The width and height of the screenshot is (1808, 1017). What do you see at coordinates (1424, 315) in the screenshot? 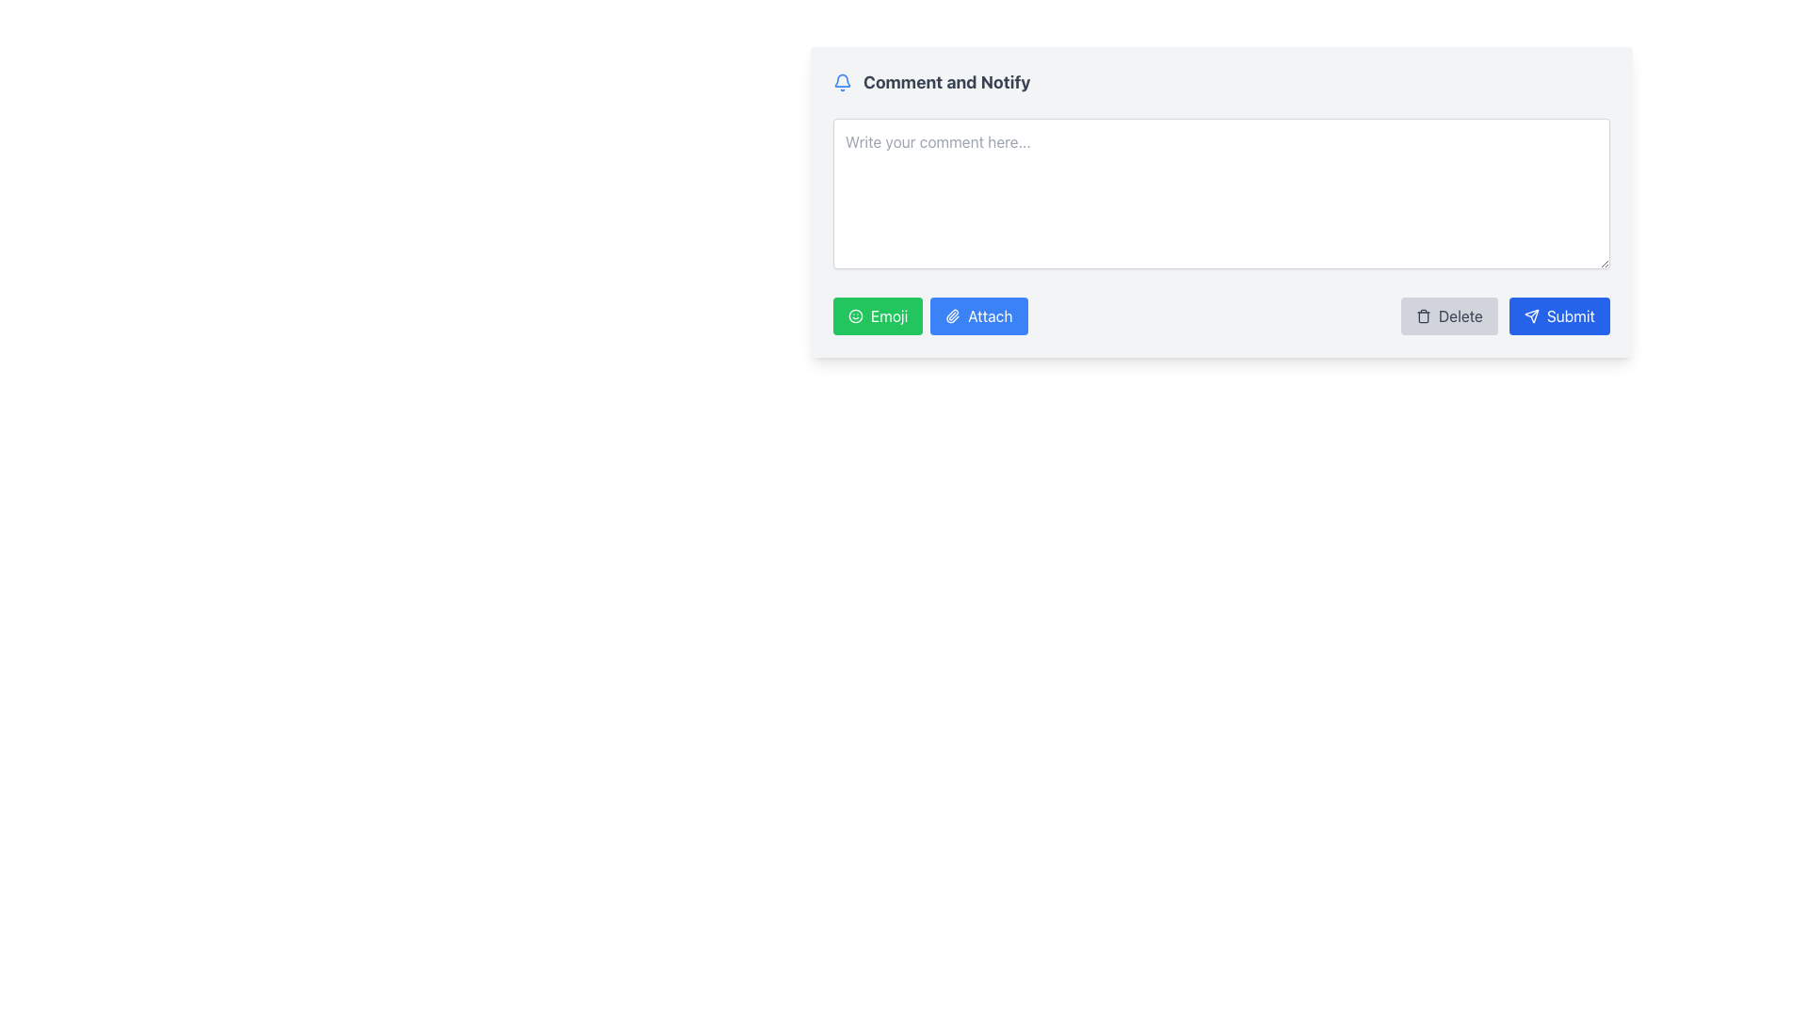
I see `the trash bin icon located to the left of the 'Delete' text label within the 'Delete' button` at bounding box center [1424, 315].